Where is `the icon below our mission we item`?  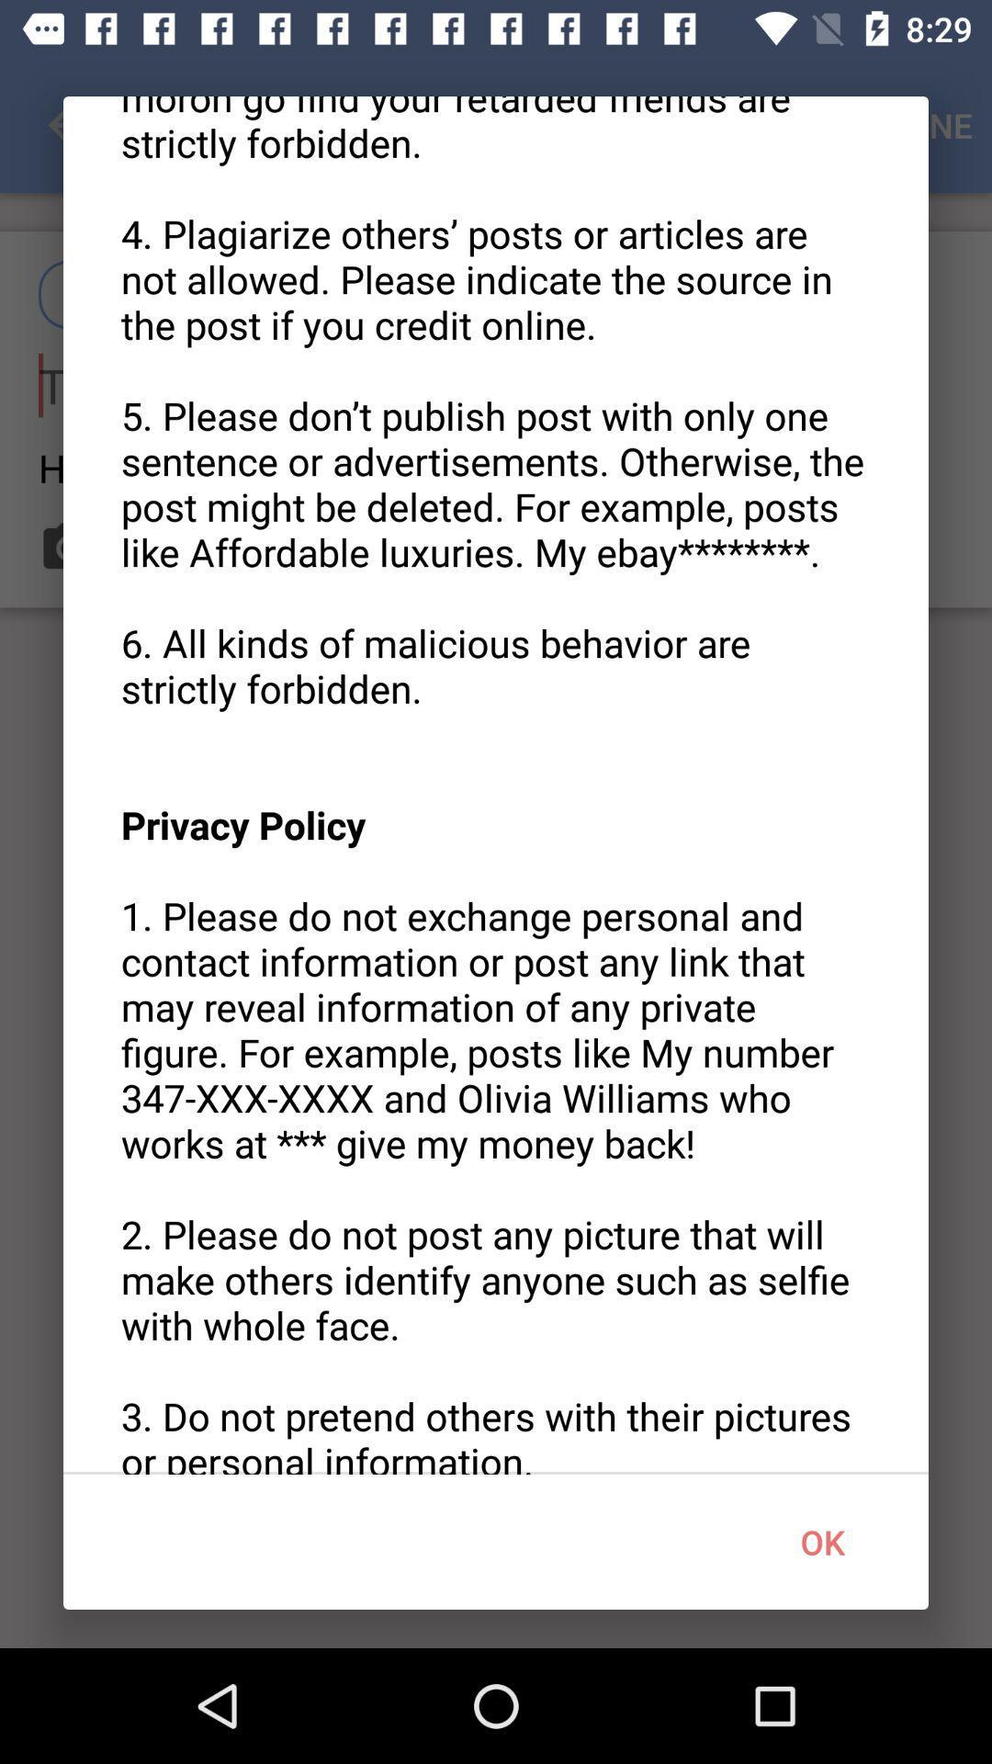
the icon below our mission we item is located at coordinates (821, 1542).